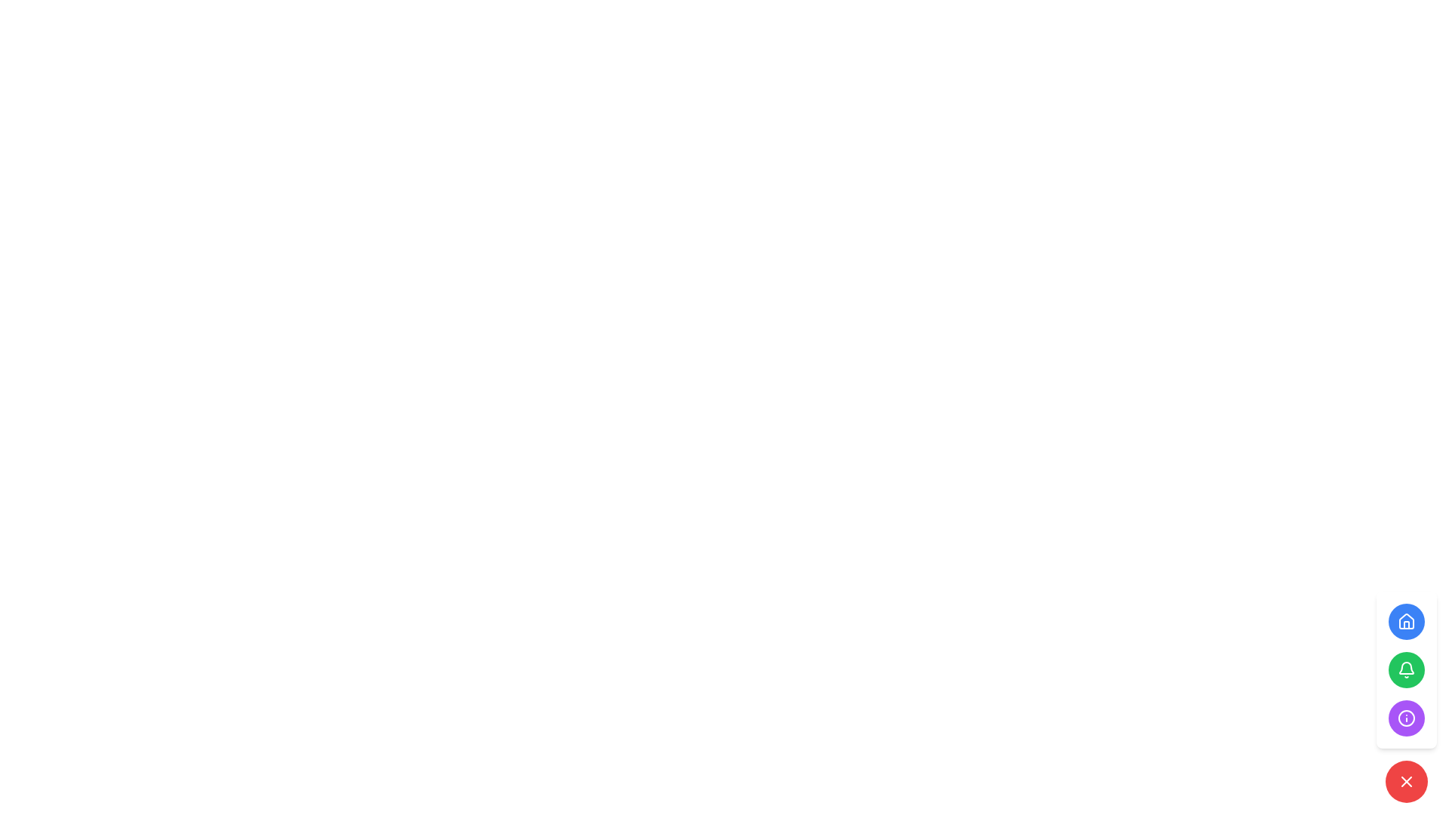  Describe the element at coordinates (1405, 622) in the screenshot. I see `the blue circular button with a white house icon to observe the visual hover effect` at that location.